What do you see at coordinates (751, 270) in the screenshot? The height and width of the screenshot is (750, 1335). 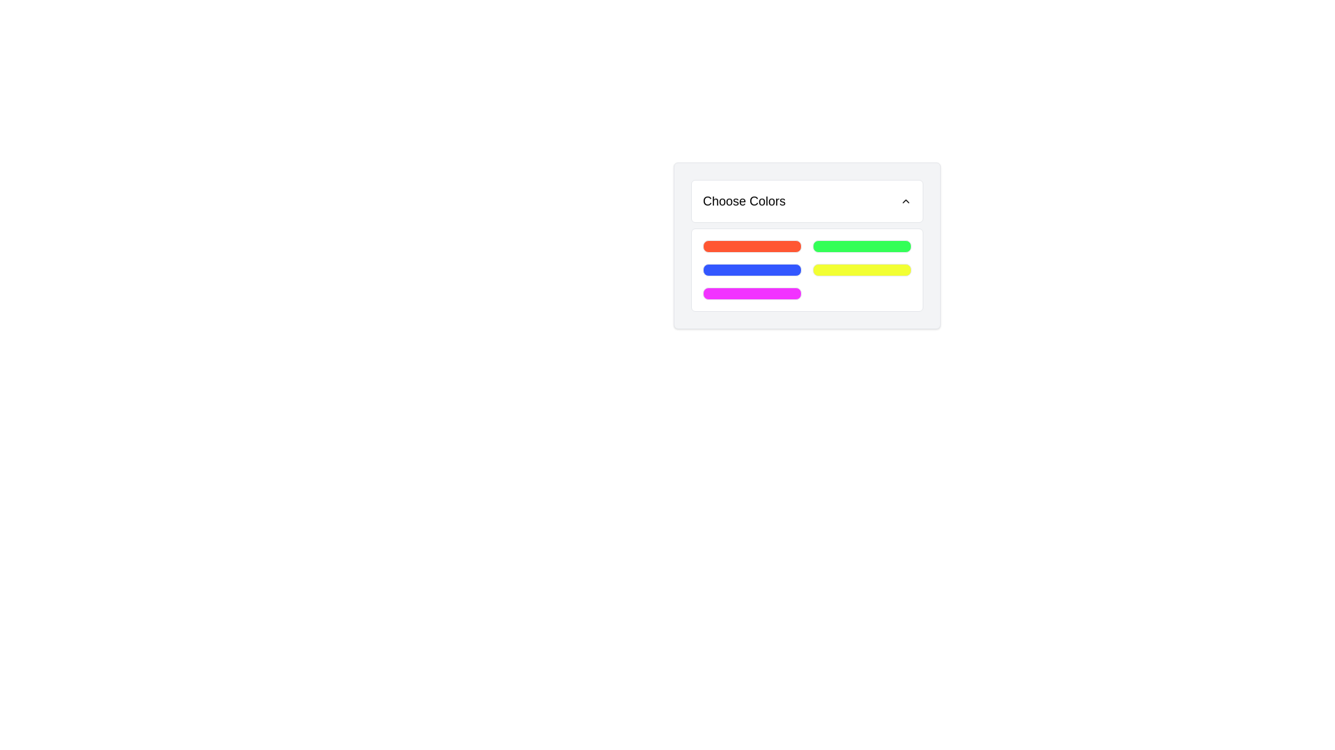 I see `the blue rounded rectangle button located in the leftmost column of the grid layout` at bounding box center [751, 270].